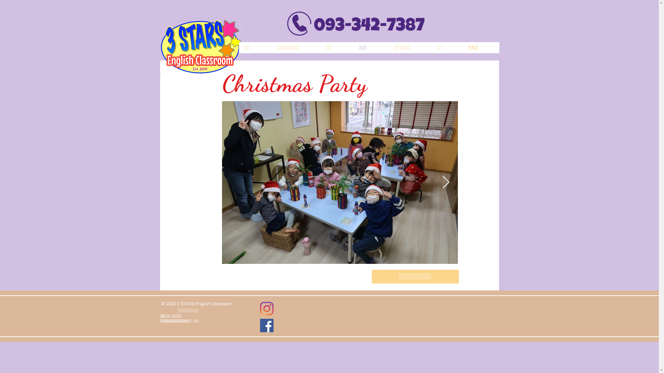 The width and height of the screenshot is (664, 373). I want to click on 'FAQ', so click(481, 47).